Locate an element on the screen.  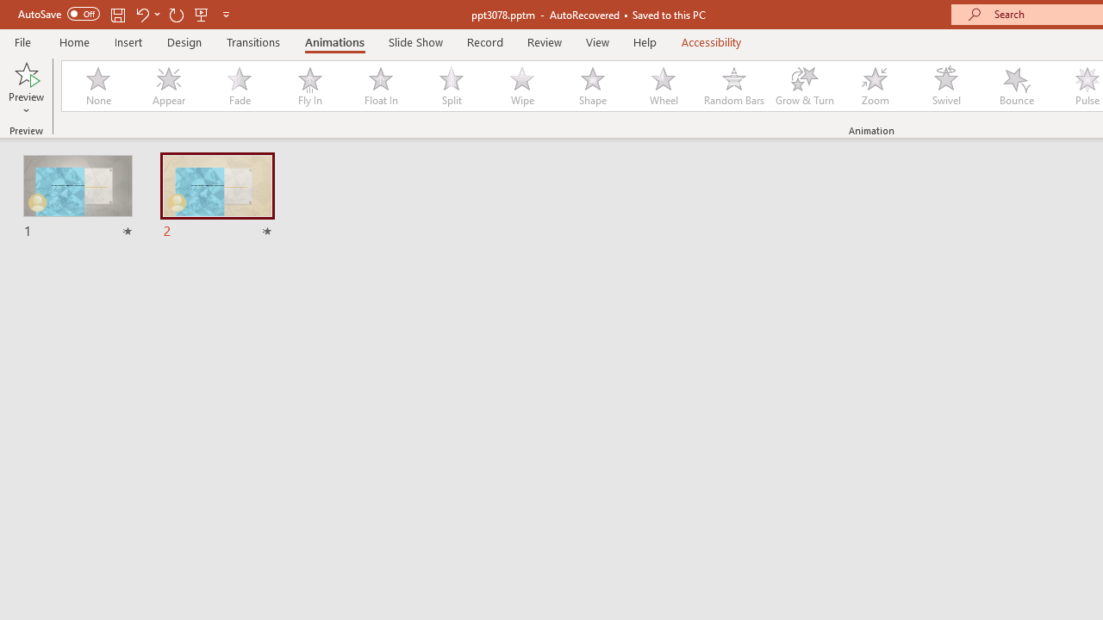
'Wipe' is located at coordinates (520, 86).